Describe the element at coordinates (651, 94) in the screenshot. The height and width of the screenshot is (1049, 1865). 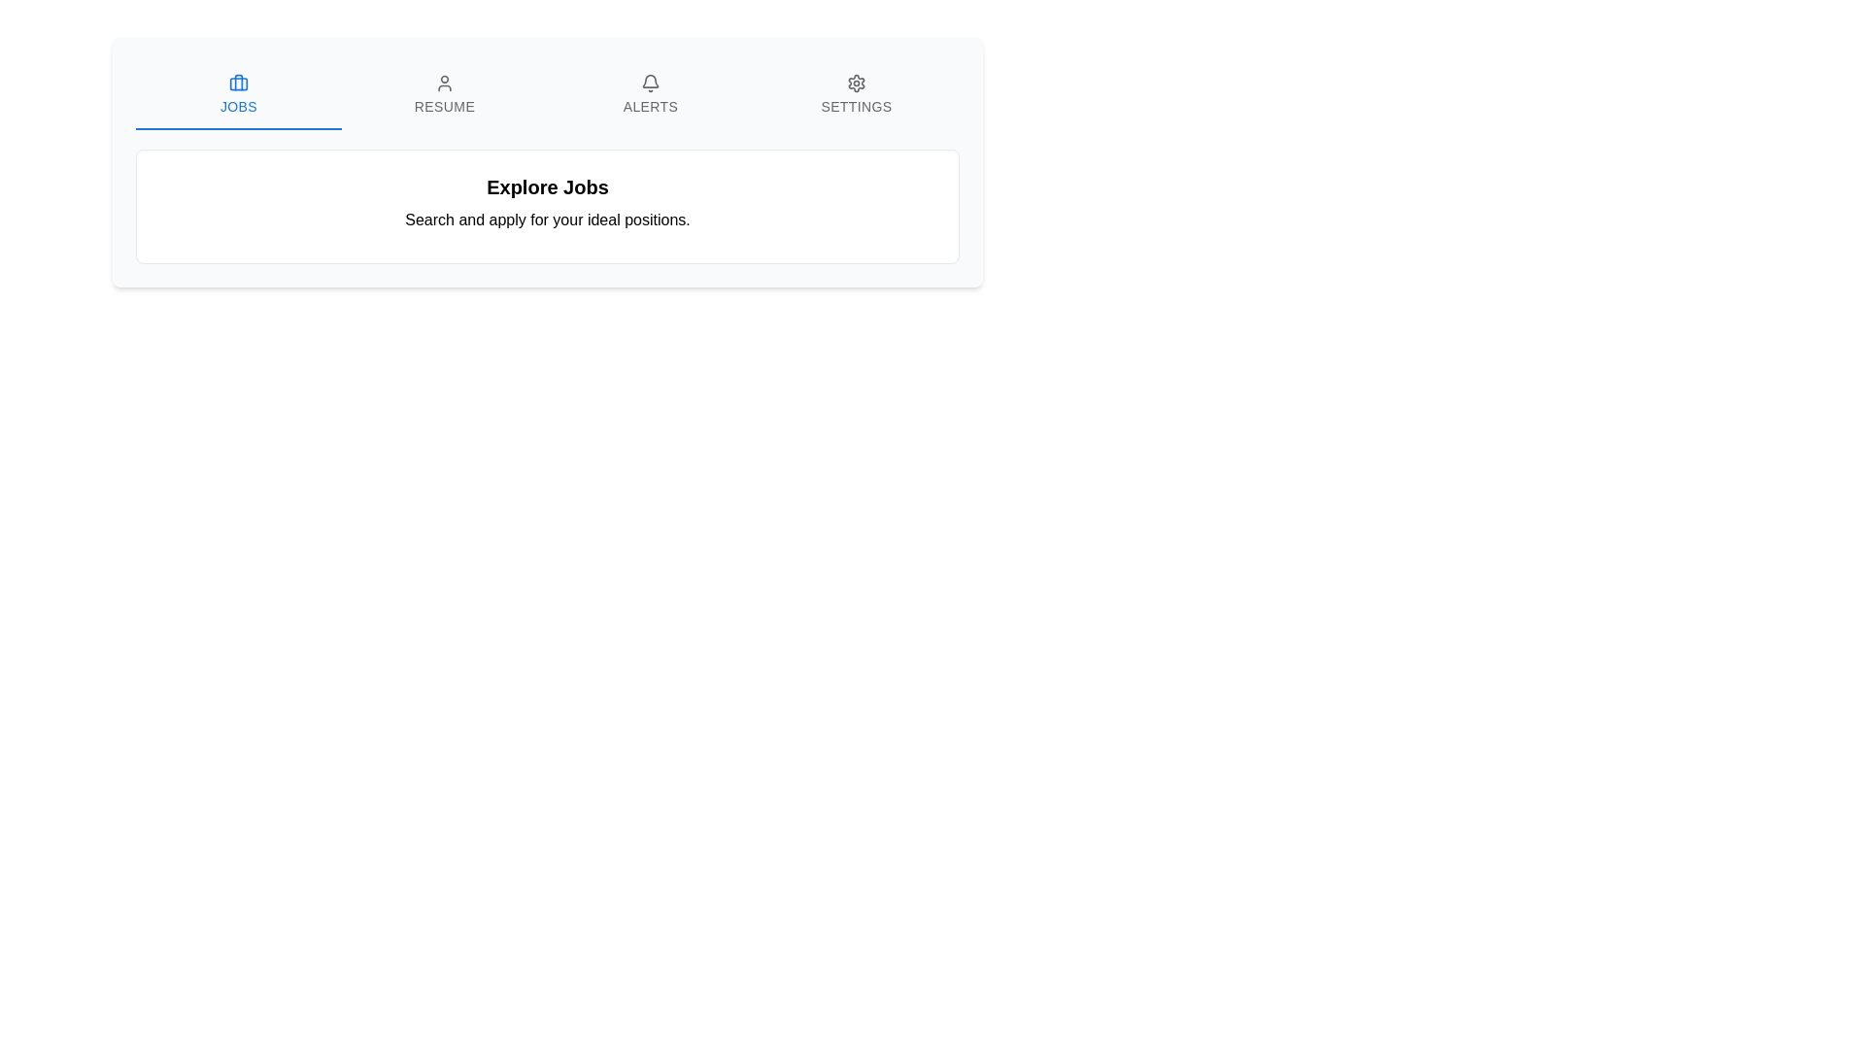
I see `the 'Alerts' tab button in the navigation bar` at that location.